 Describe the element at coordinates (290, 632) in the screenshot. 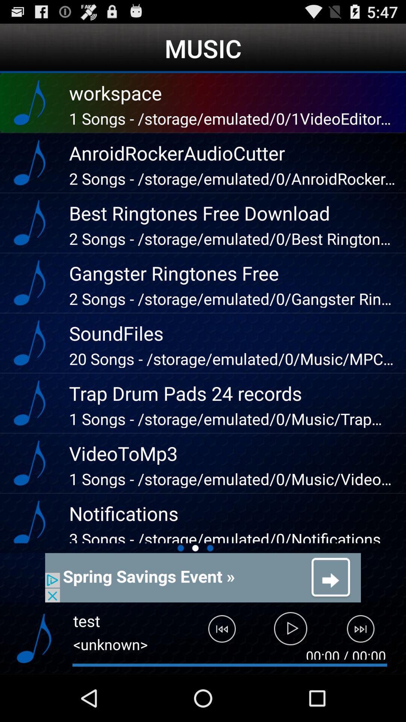

I see `play` at that location.